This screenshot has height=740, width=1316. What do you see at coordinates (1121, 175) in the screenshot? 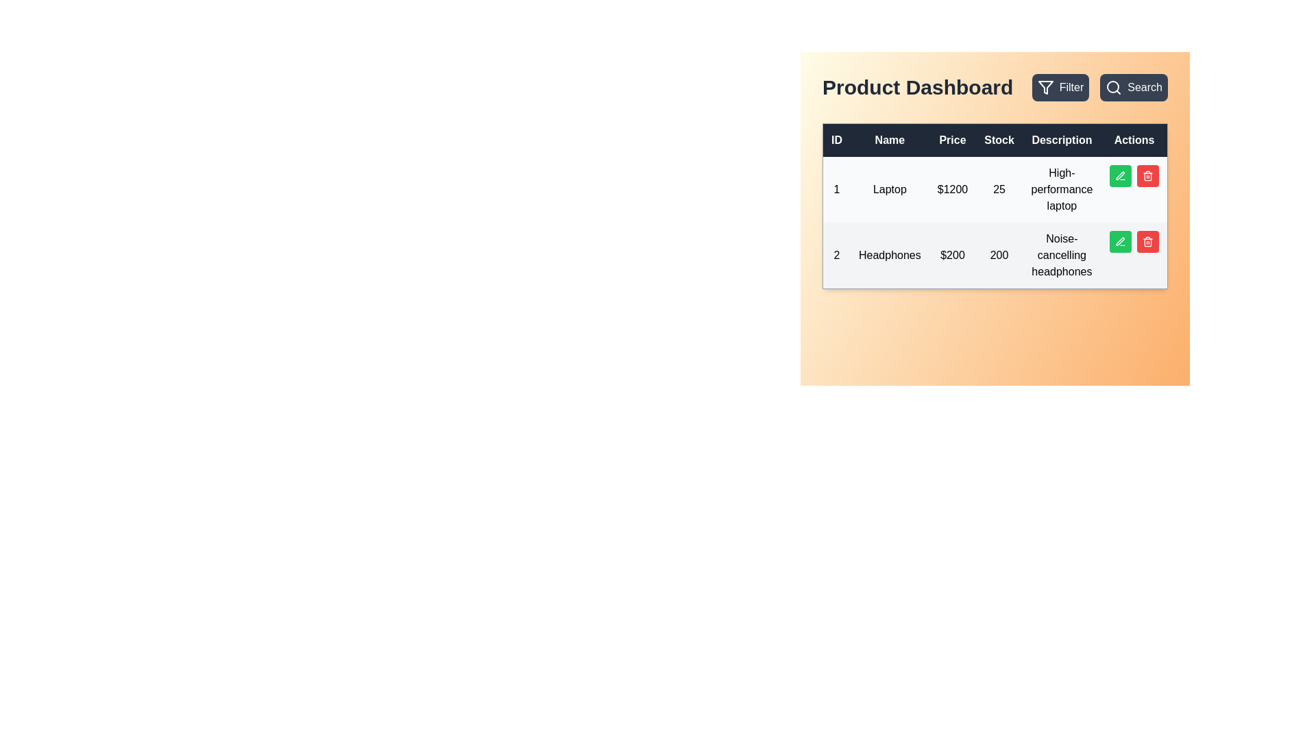
I see `the green button with rounded corners and a pen-shaped icon, located in the first row of the 'Actions' column in the table` at bounding box center [1121, 175].